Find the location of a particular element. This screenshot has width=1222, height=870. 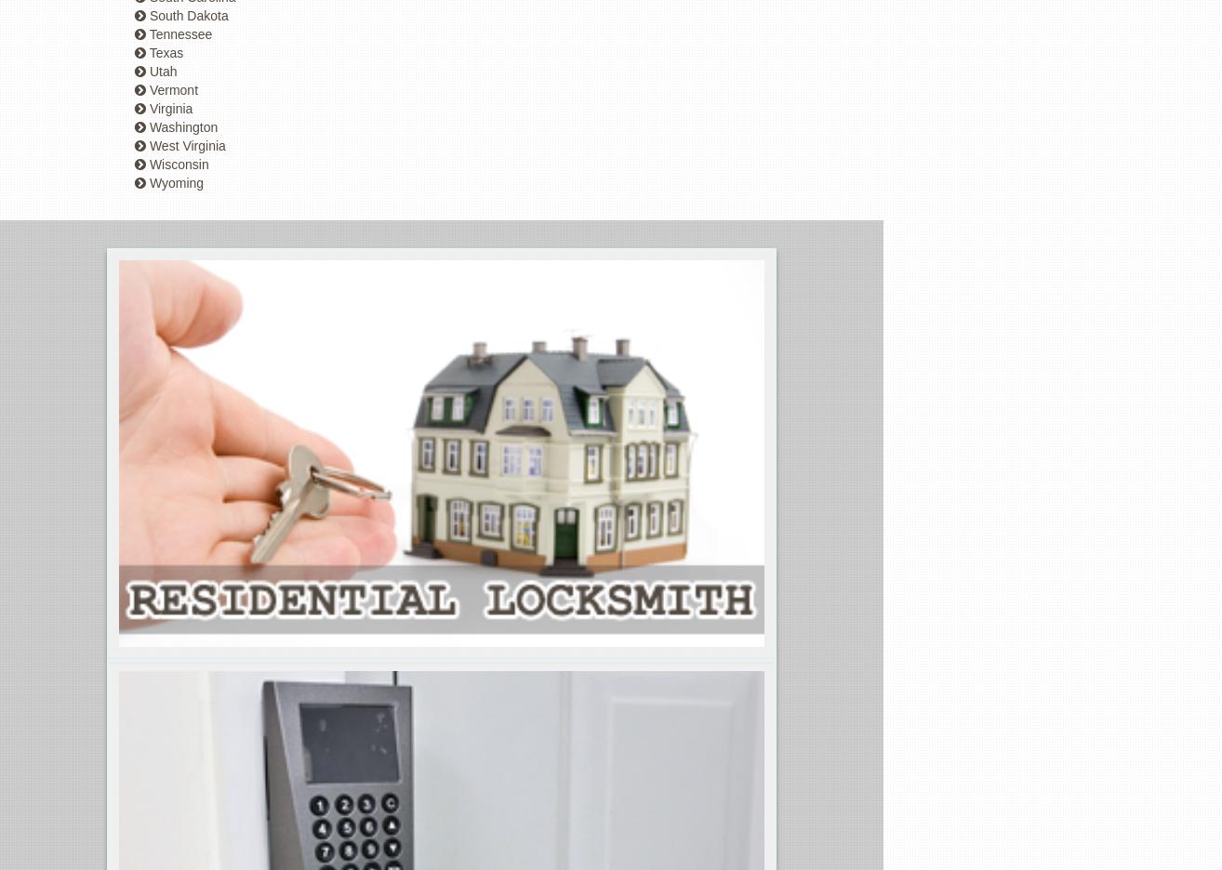

'Virginia' is located at coordinates (168, 108).